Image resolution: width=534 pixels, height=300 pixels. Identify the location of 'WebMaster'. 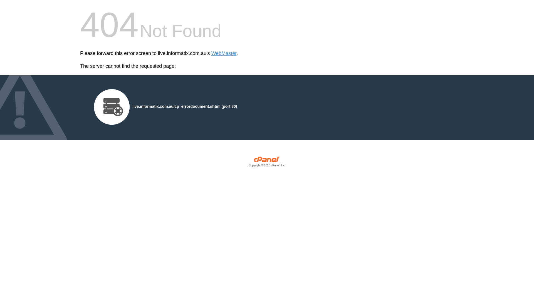
(211, 53).